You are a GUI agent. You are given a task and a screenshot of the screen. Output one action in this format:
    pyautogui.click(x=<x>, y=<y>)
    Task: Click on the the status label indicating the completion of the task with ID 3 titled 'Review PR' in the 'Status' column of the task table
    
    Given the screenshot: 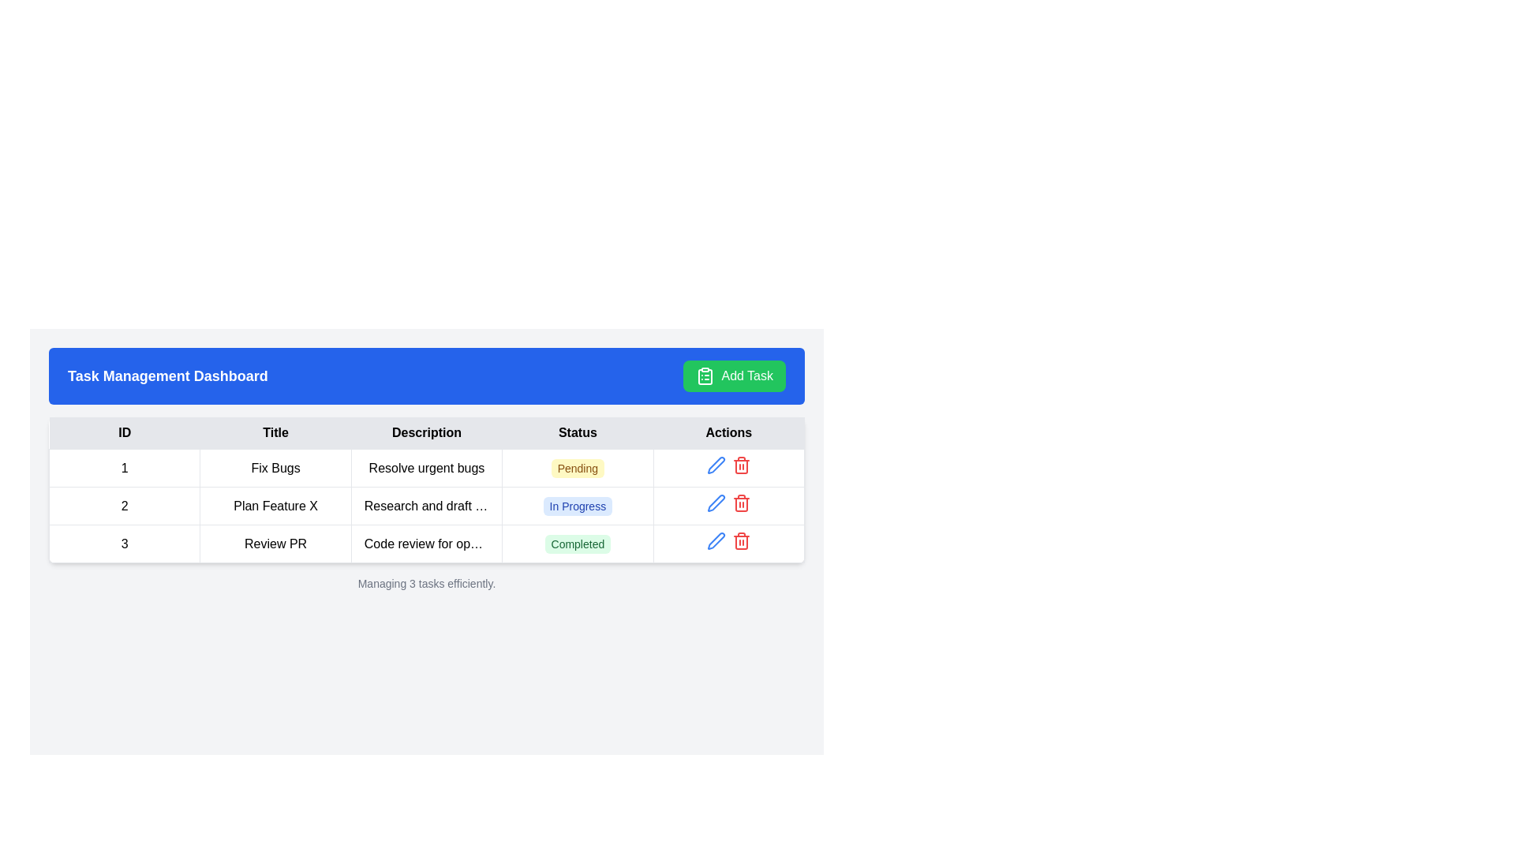 What is the action you would take?
    pyautogui.click(x=577, y=543)
    